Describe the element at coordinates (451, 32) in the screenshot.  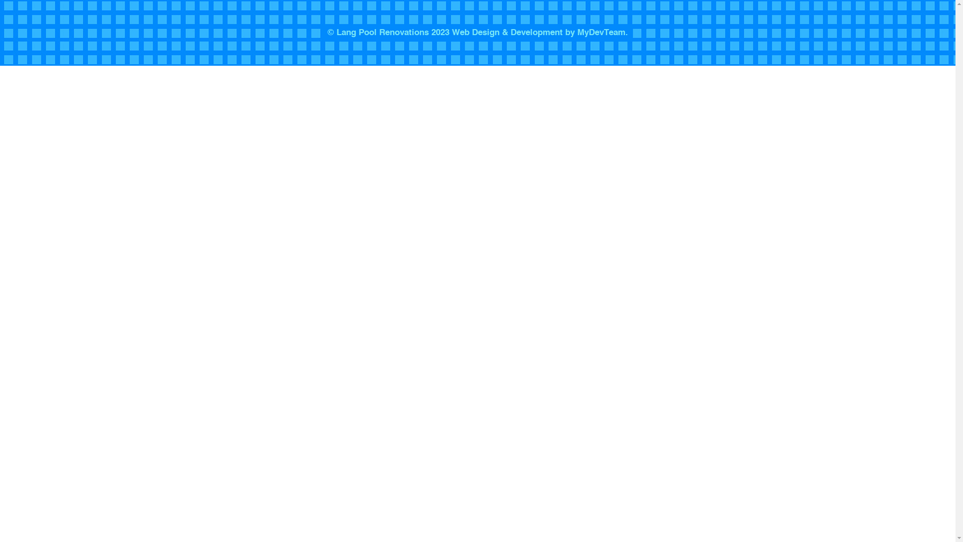
I see `'Web Design & Development'` at that location.